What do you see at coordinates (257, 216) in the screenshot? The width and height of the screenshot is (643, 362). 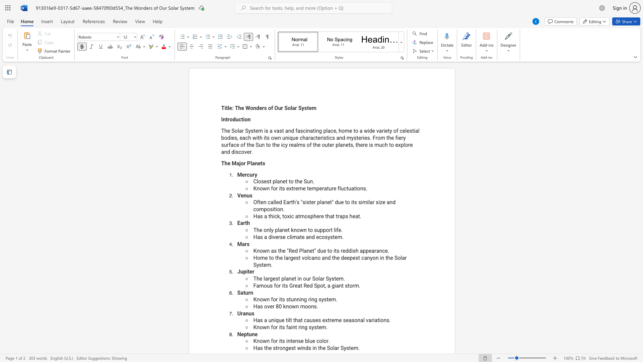 I see `the subset text "as a thick, toxic atmosphere that traps he" within the text "Has a thick, toxic atmosphere that traps heat."` at bounding box center [257, 216].